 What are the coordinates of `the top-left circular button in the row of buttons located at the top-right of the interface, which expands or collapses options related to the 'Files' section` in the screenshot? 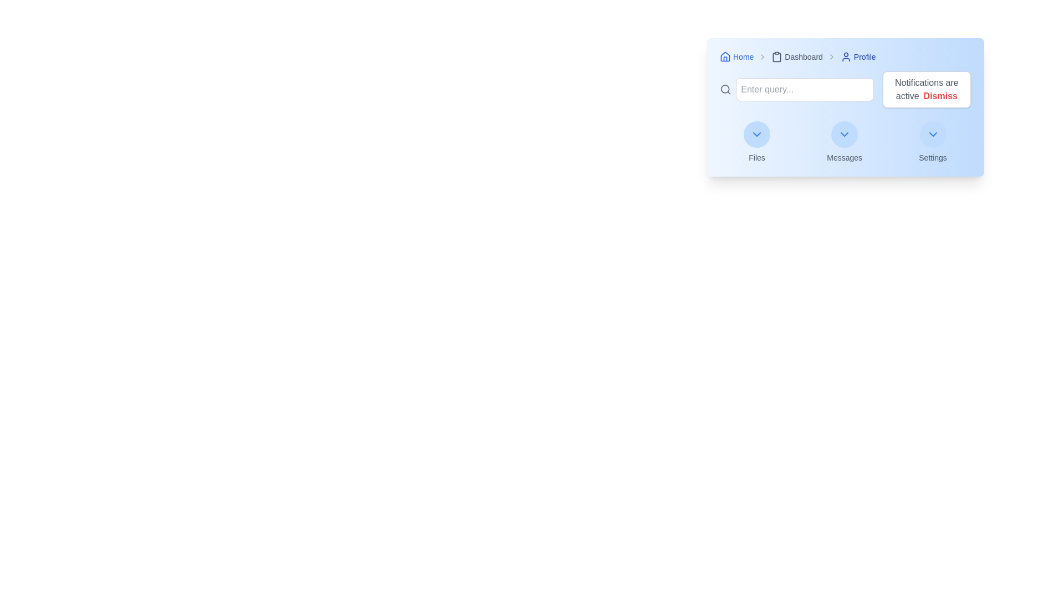 It's located at (756, 134).